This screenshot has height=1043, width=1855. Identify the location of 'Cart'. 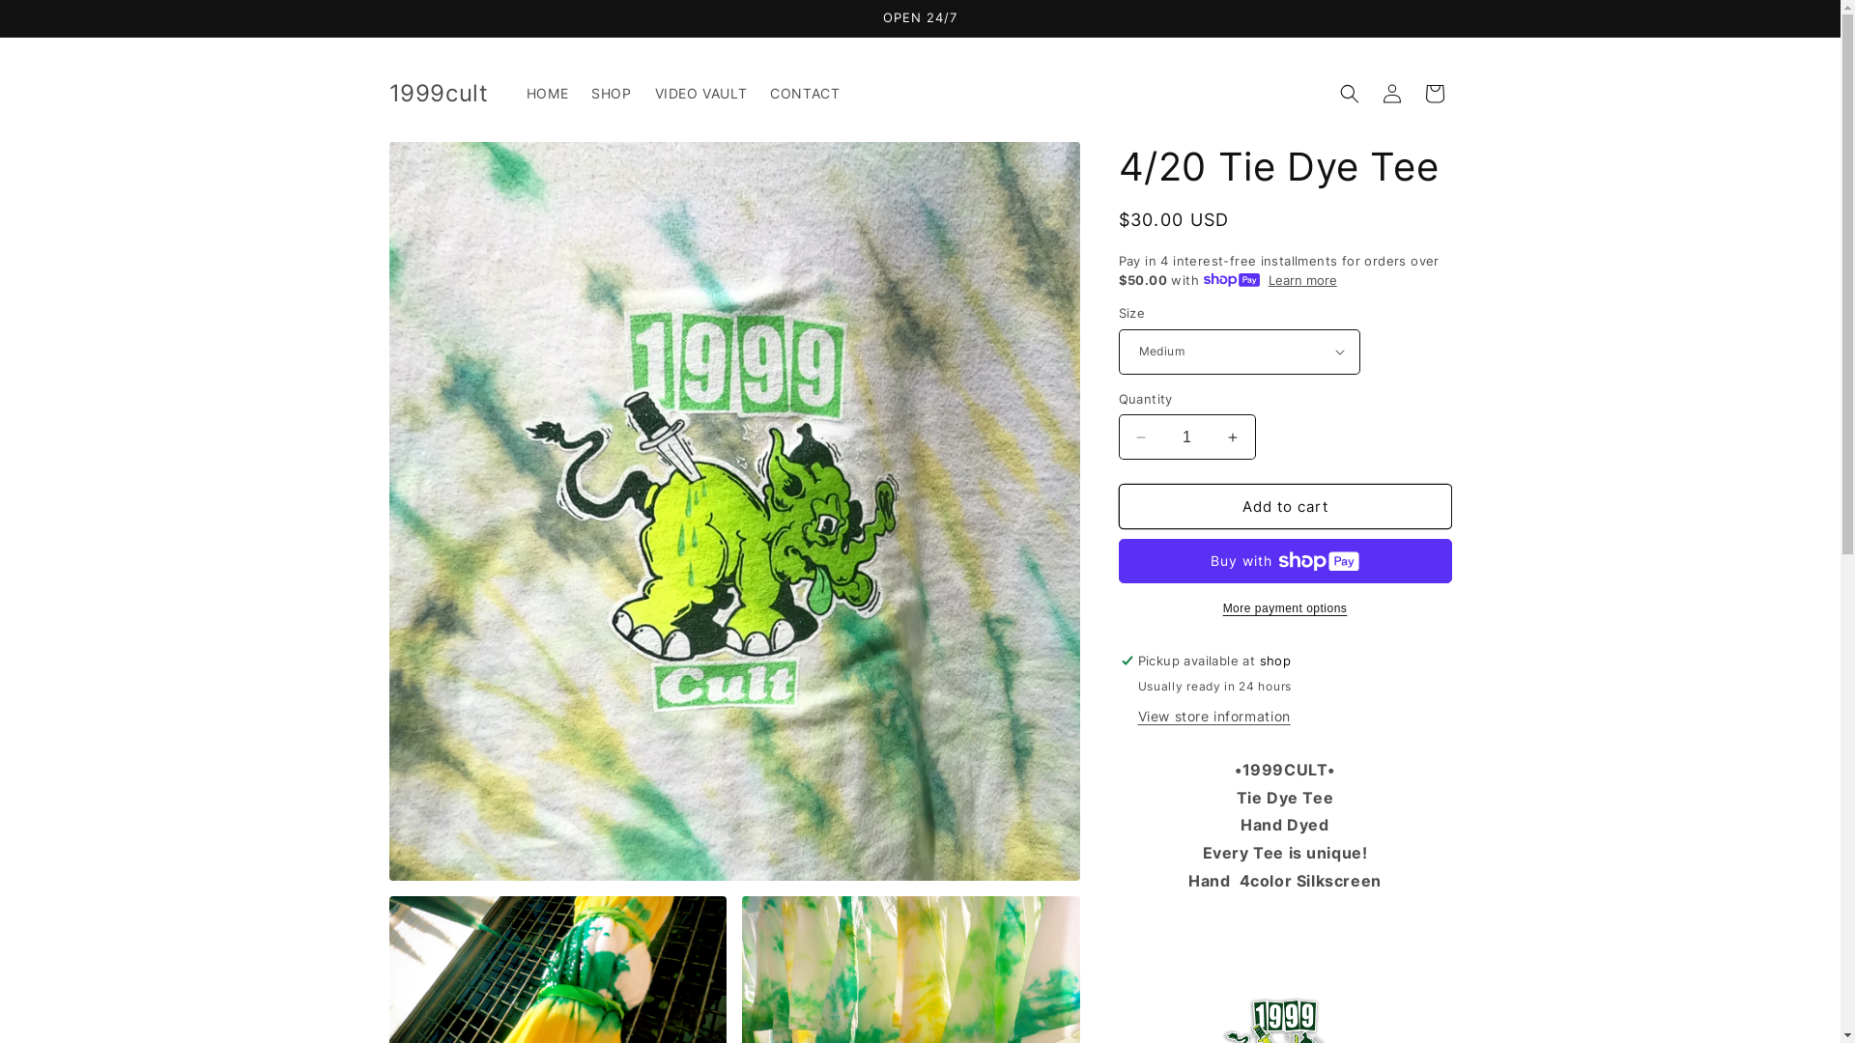
(1433, 93).